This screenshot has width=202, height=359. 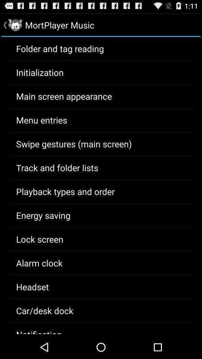 I want to click on the app below track and folder icon, so click(x=65, y=191).